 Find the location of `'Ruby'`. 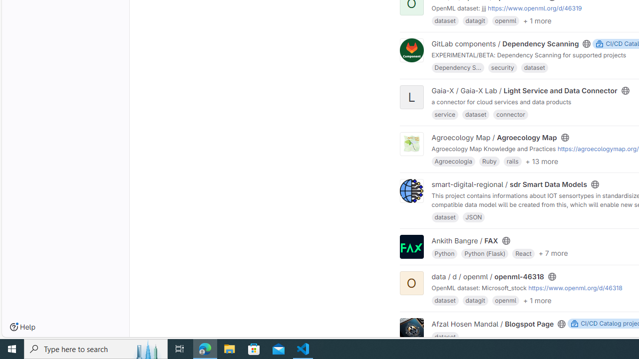

'Ruby' is located at coordinates (489, 161).